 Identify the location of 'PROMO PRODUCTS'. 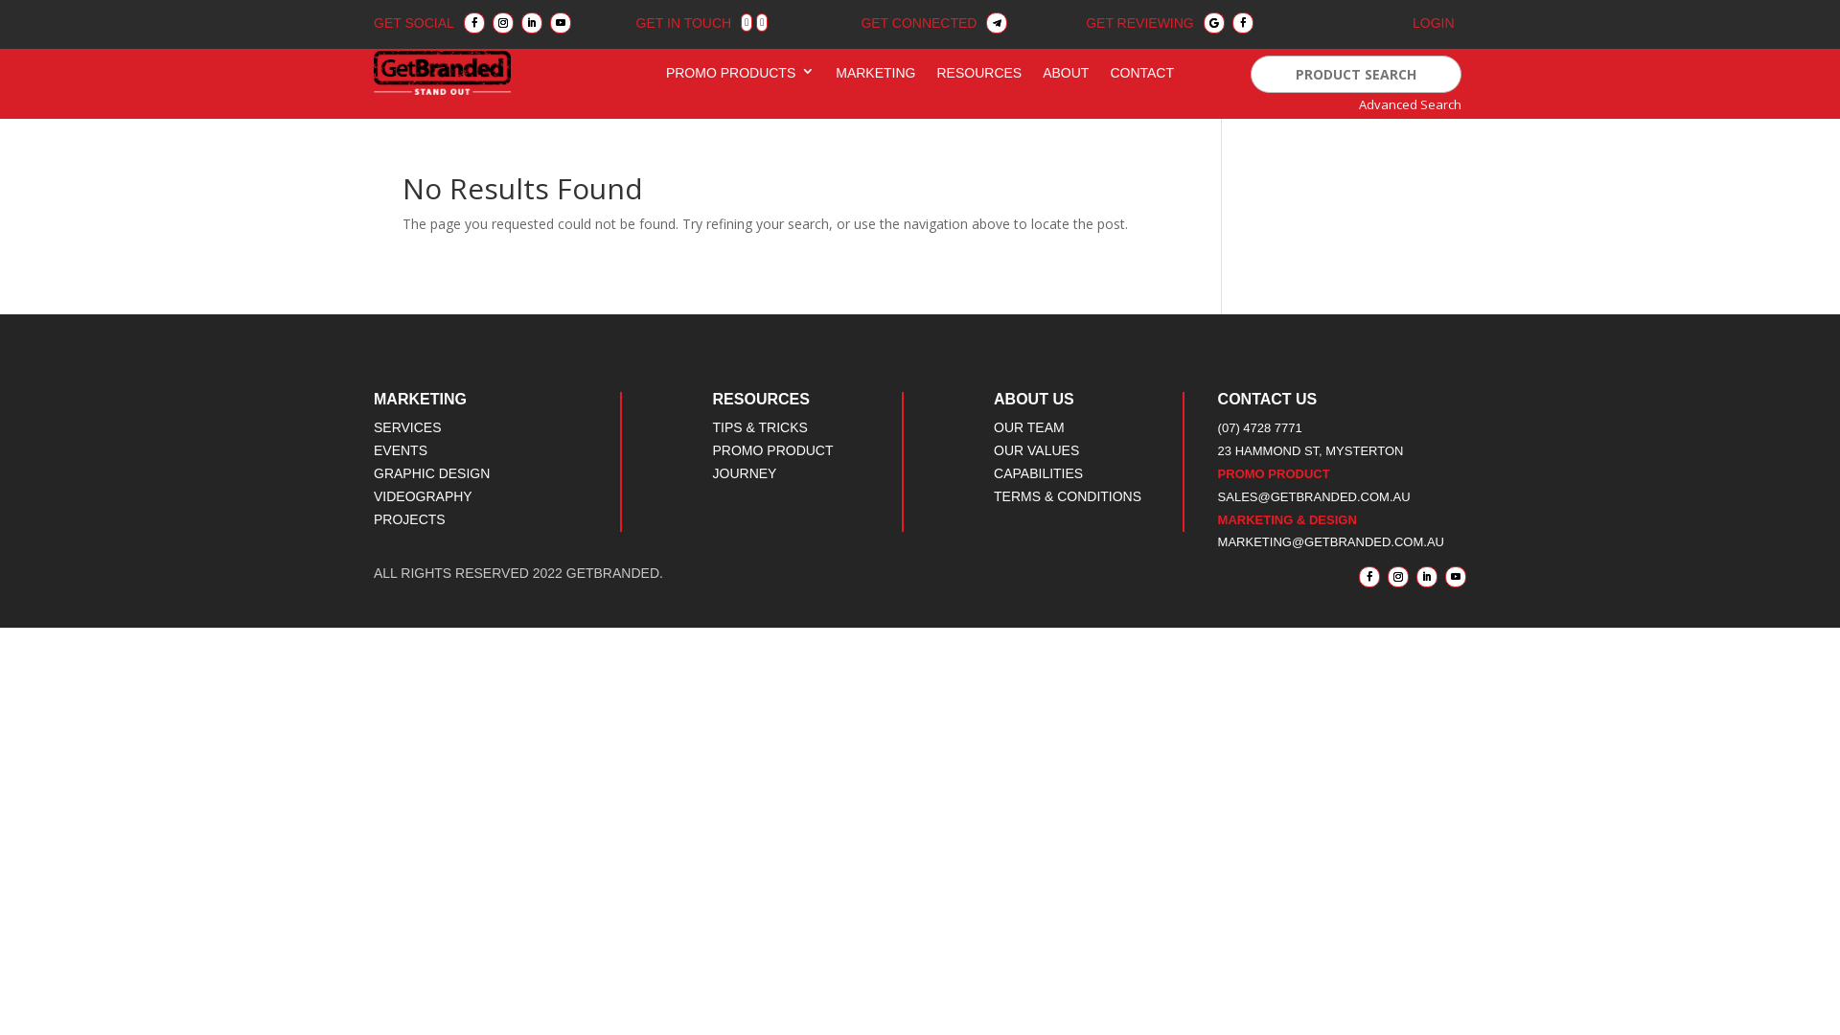
(666, 76).